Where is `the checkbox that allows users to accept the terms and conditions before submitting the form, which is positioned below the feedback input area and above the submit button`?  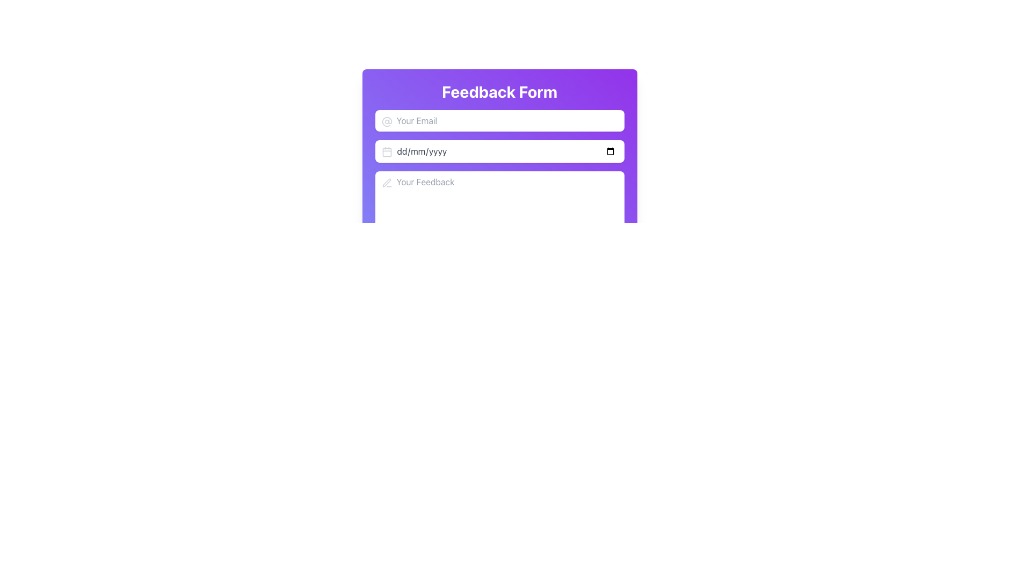 the checkbox that allows users to accept the terms and conditions before submitting the form, which is positioned below the feedback input area and above the submit button is located at coordinates (499, 250).